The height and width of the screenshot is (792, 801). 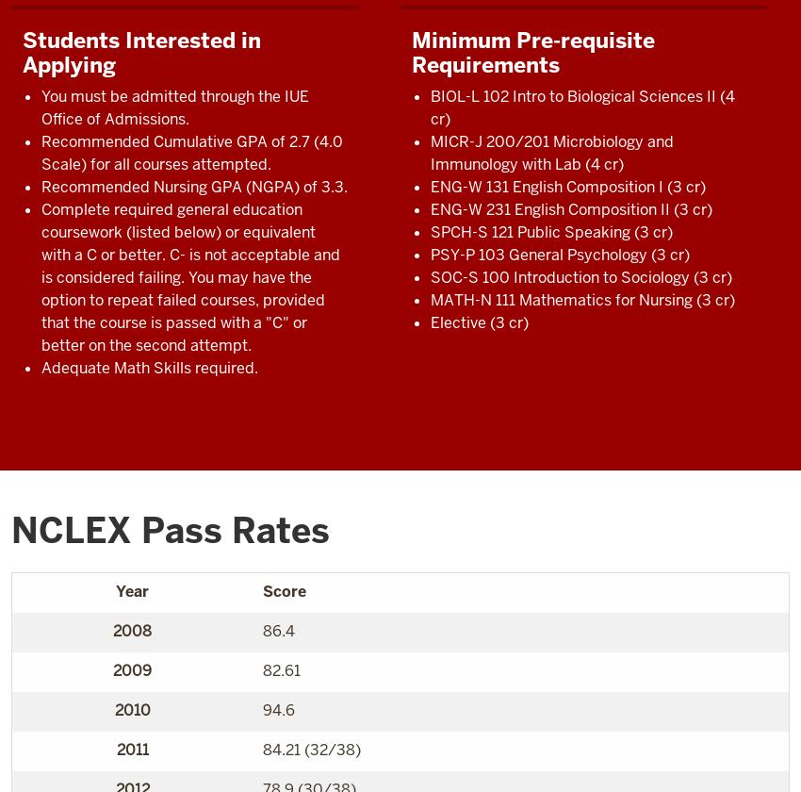 What do you see at coordinates (114, 590) in the screenshot?
I see `'Year'` at bounding box center [114, 590].